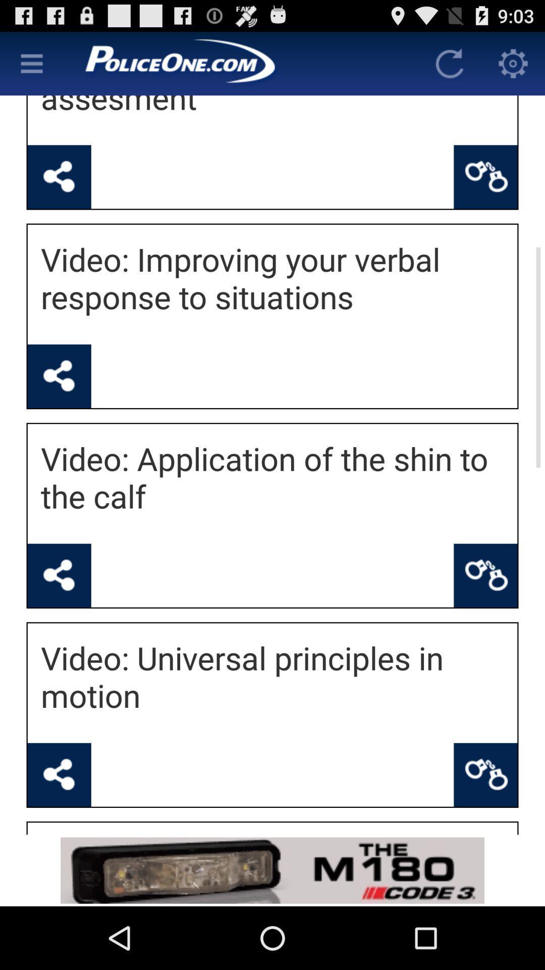  Describe the element at coordinates (272, 870) in the screenshot. I see `advertisements banner` at that location.